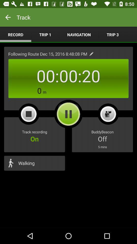 Image resolution: width=137 pixels, height=244 pixels. Describe the element at coordinates (113, 34) in the screenshot. I see `icon next to the navigation icon` at that location.